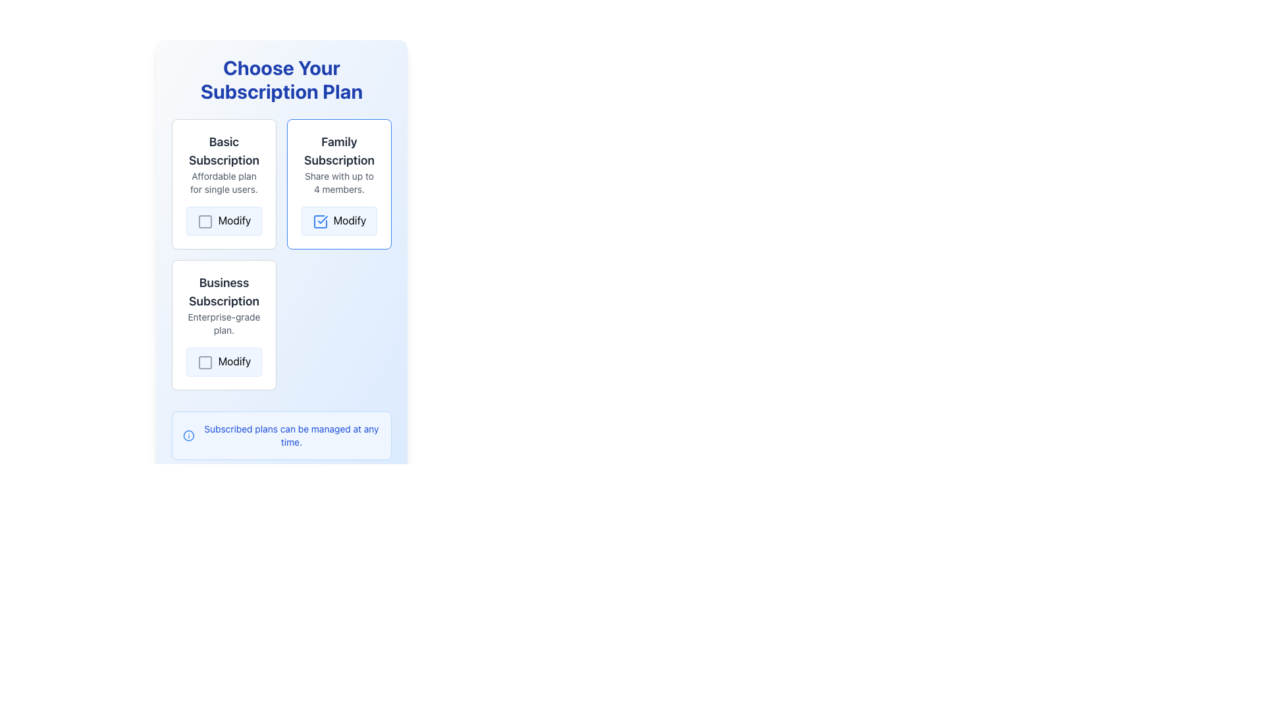 The image size is (1264, 711). I want to click on the circular icon with a blue border and white fill located near the bottom of the interface, to the left of the text label 'Subscribed plans can be managed at any time.', so click(188, 435).